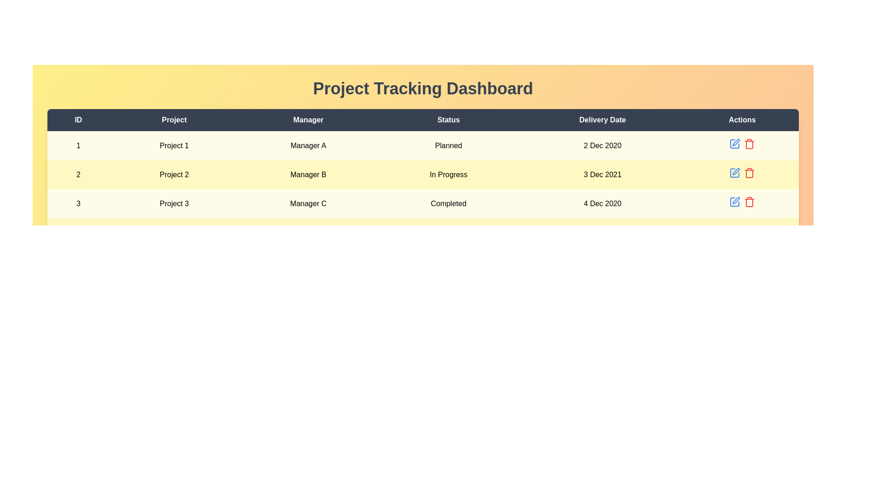 This screenshot has height=497, width=884. Describe the element at coordinates (448, 120) in the screenshot. I see `the column header Status to sort the projects` at that location.